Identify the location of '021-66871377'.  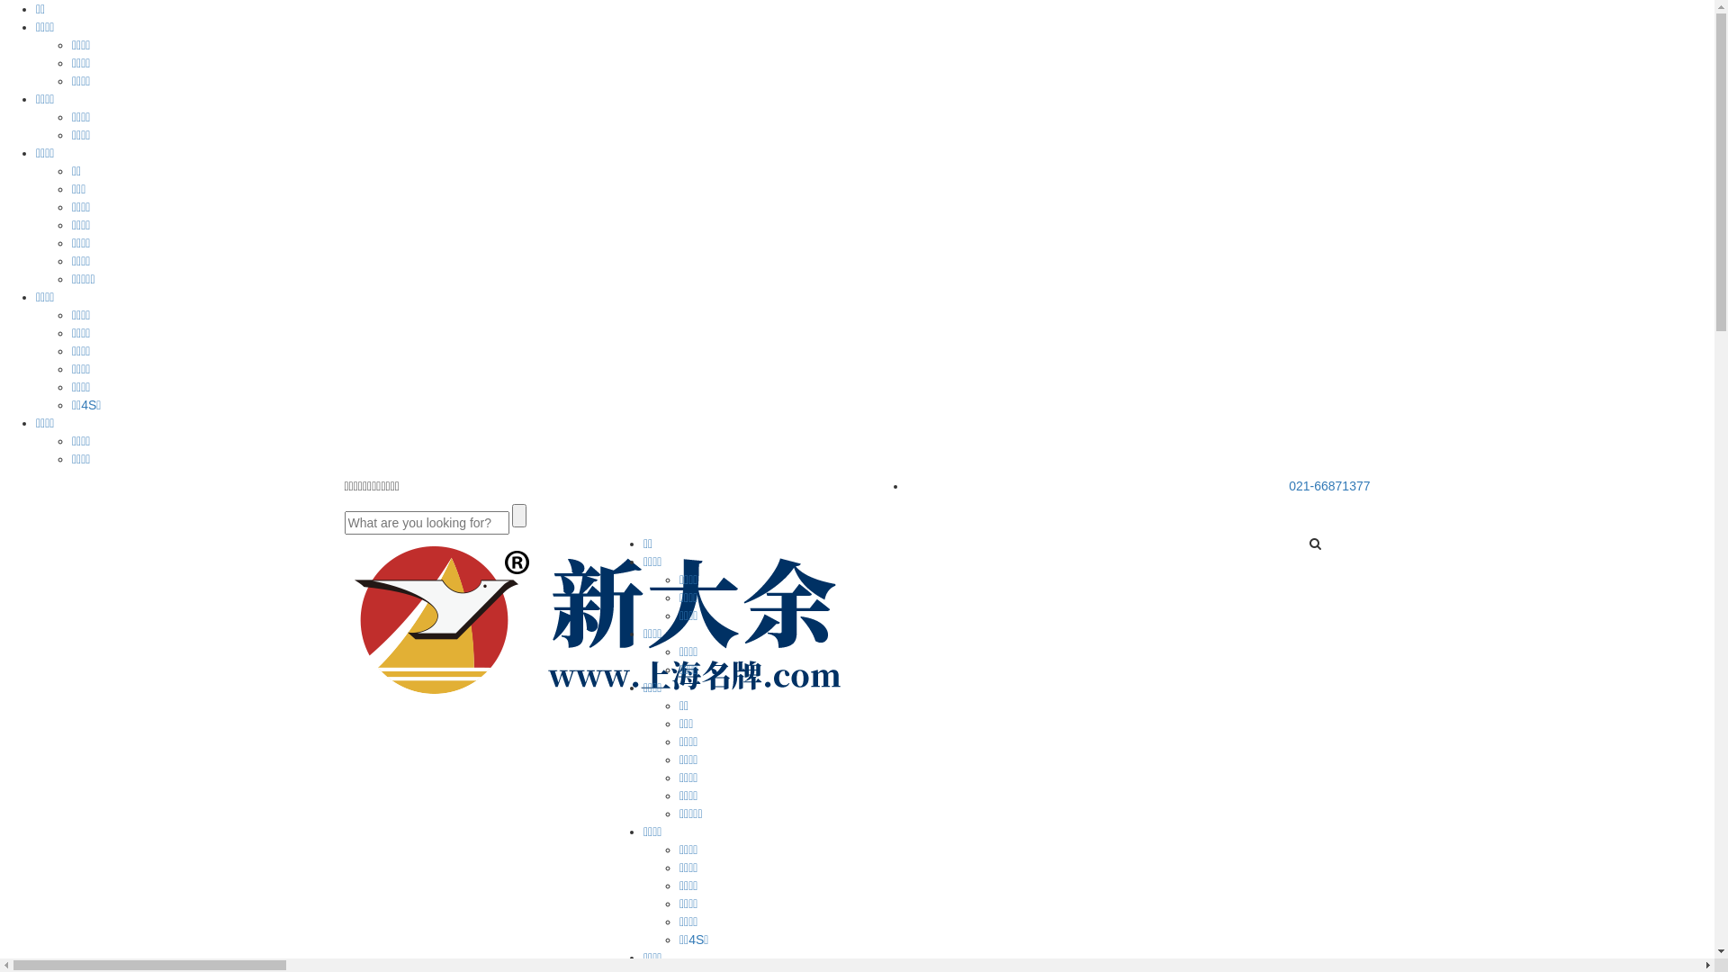
(1329, 486).